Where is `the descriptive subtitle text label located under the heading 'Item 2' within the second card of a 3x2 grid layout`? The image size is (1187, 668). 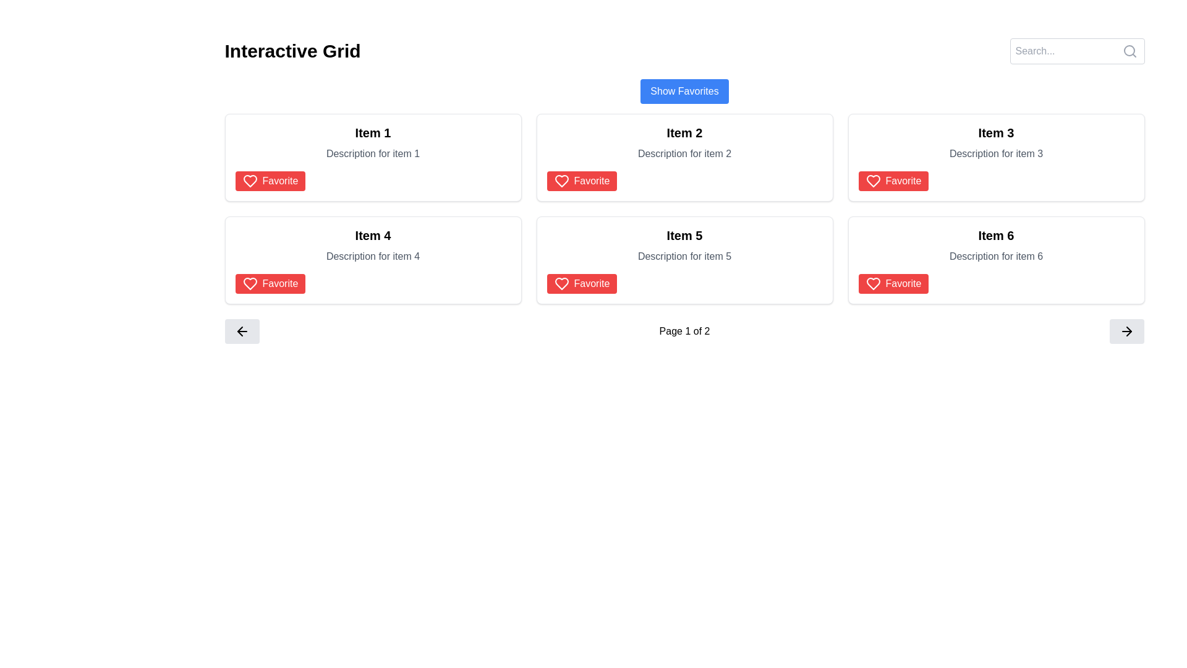 the descriptive subtitle text label located under the heading 'Item 2' within the second card of a 3x2 grid layout is located at coordinates (684, 153).